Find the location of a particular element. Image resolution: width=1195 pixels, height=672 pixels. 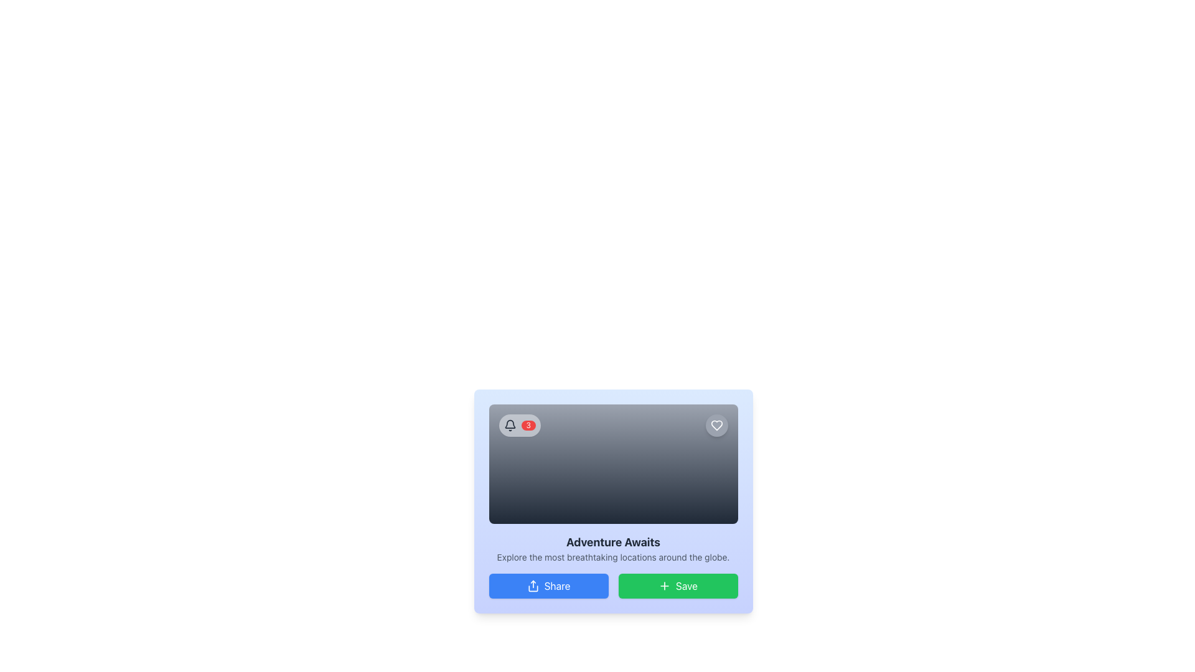

the 'Share' button is located at coordinates (548, 586).